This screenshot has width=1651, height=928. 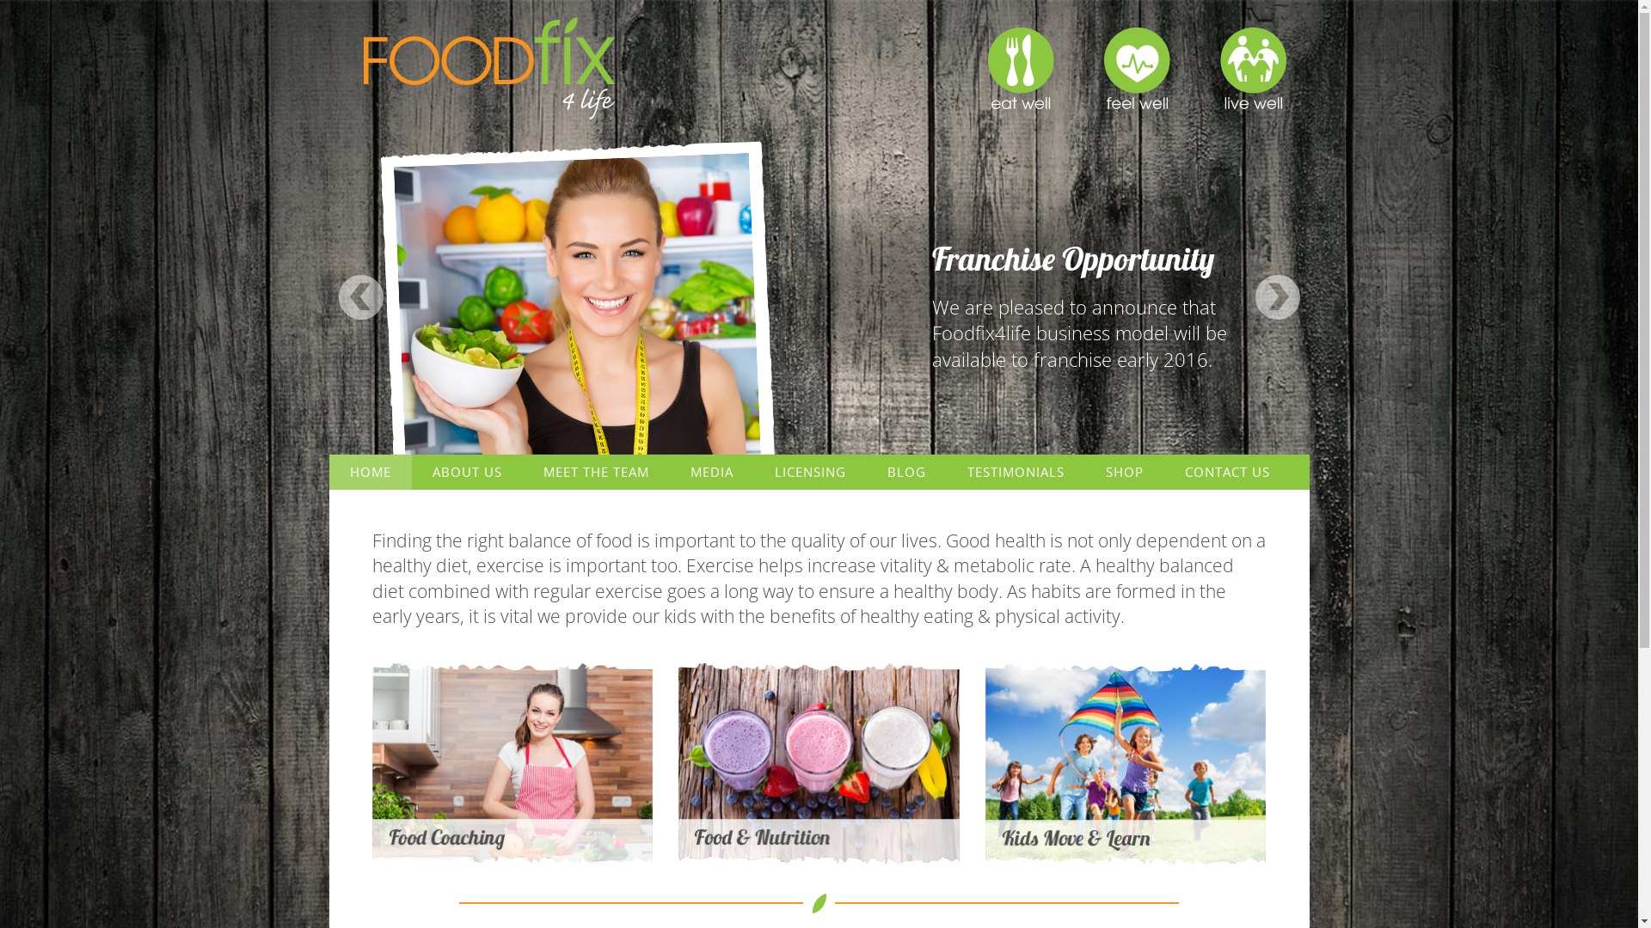 I want to click on 'SHOP', so click(x=1084, y=472).